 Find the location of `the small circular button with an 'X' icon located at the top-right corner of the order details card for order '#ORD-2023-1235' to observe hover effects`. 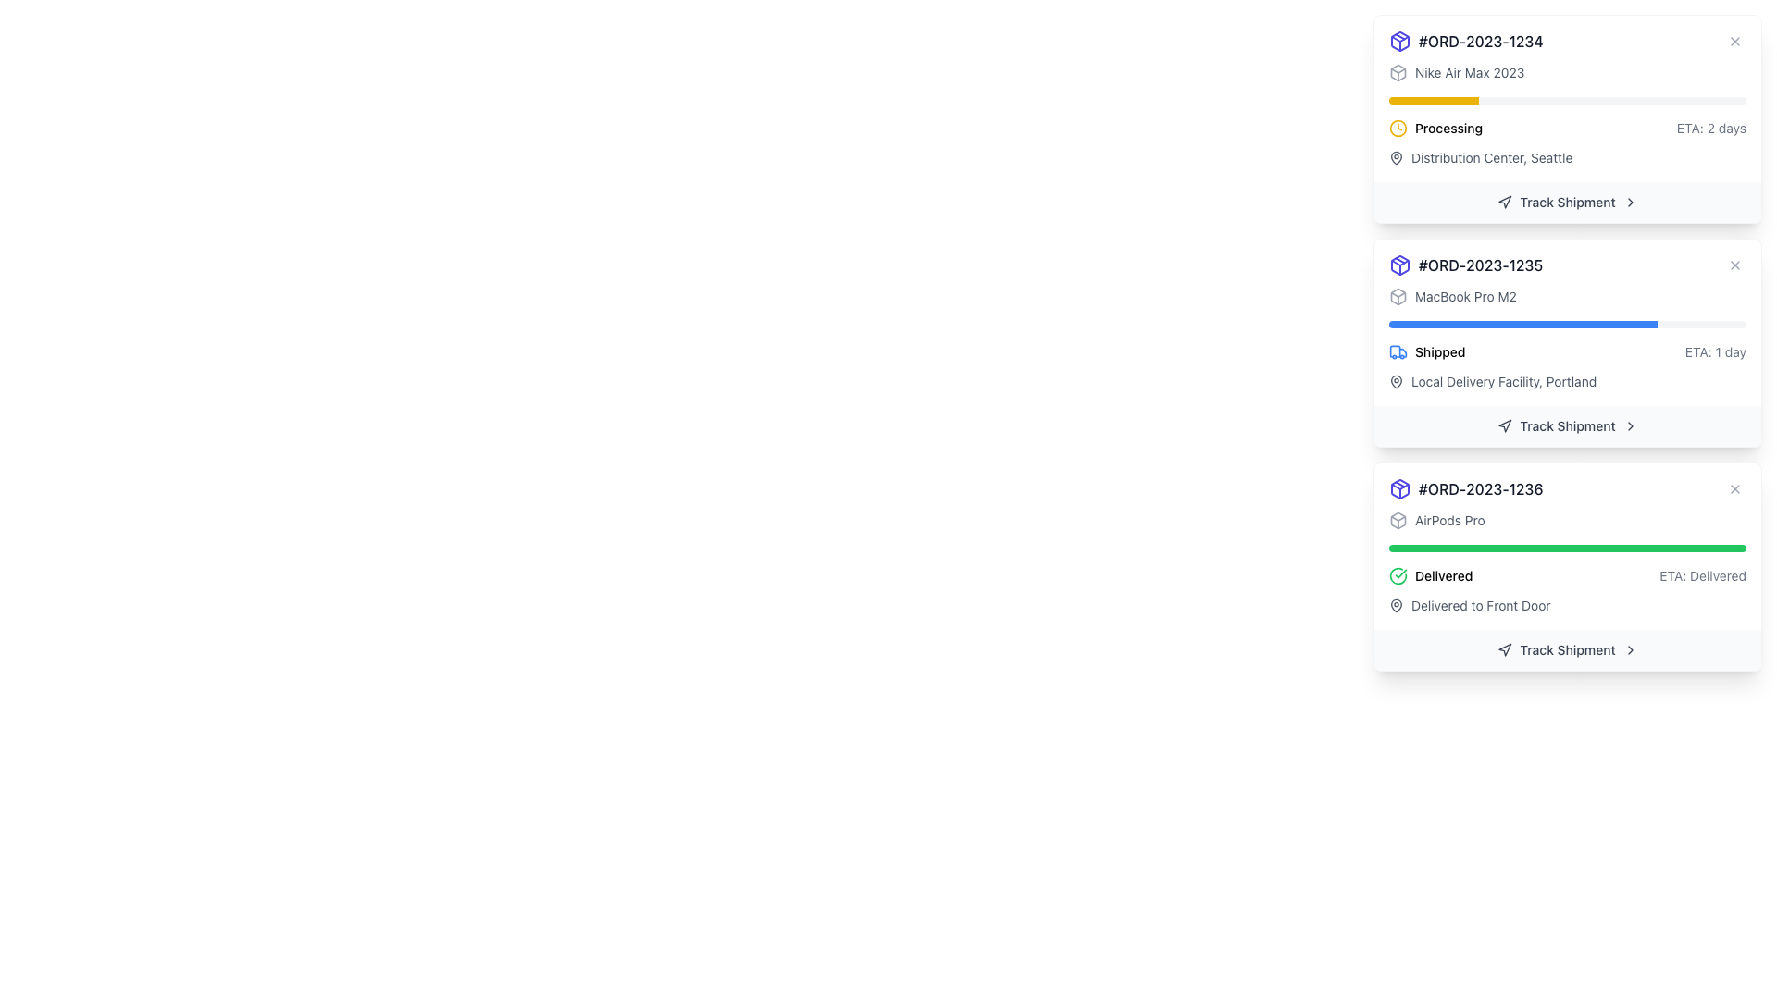

the small circular button with an 'X' icon located at the top-right corner of the order details card for order '#ORD-2023-1235' to observe hover effects is located at coordinates (1734, 265).